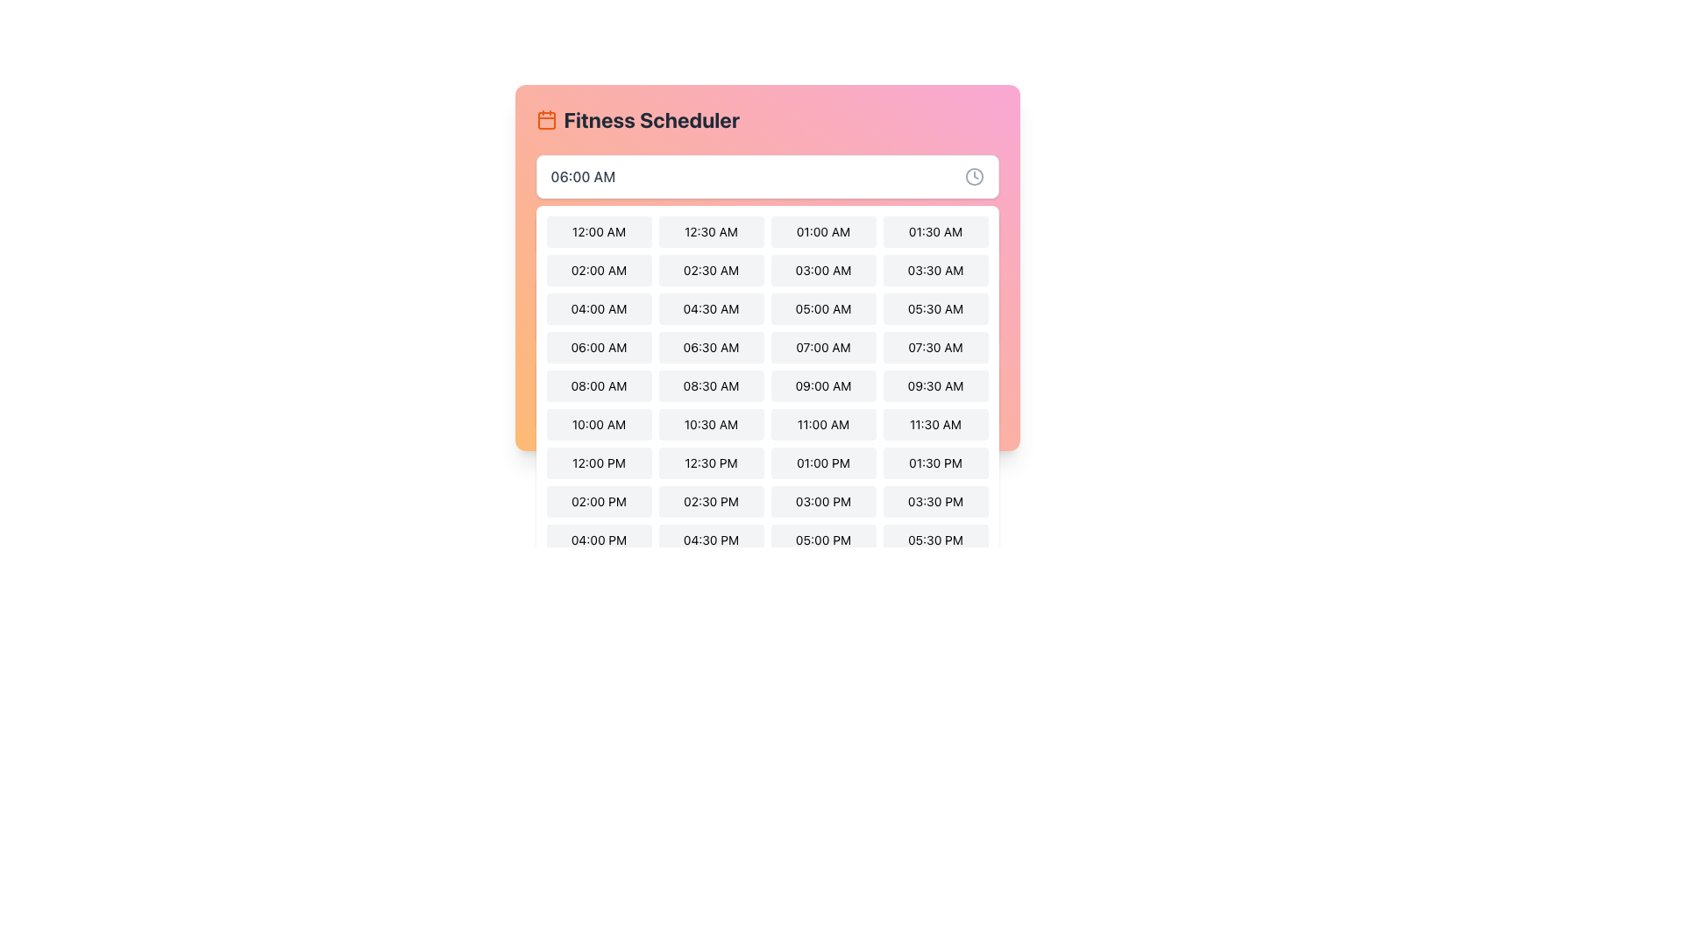  What do you see at coordinates (599, 308) in the screenshot?
I see `the '04:00 AM' button, which is a time slot option in a grid layout` at bounding box center [599, 308].